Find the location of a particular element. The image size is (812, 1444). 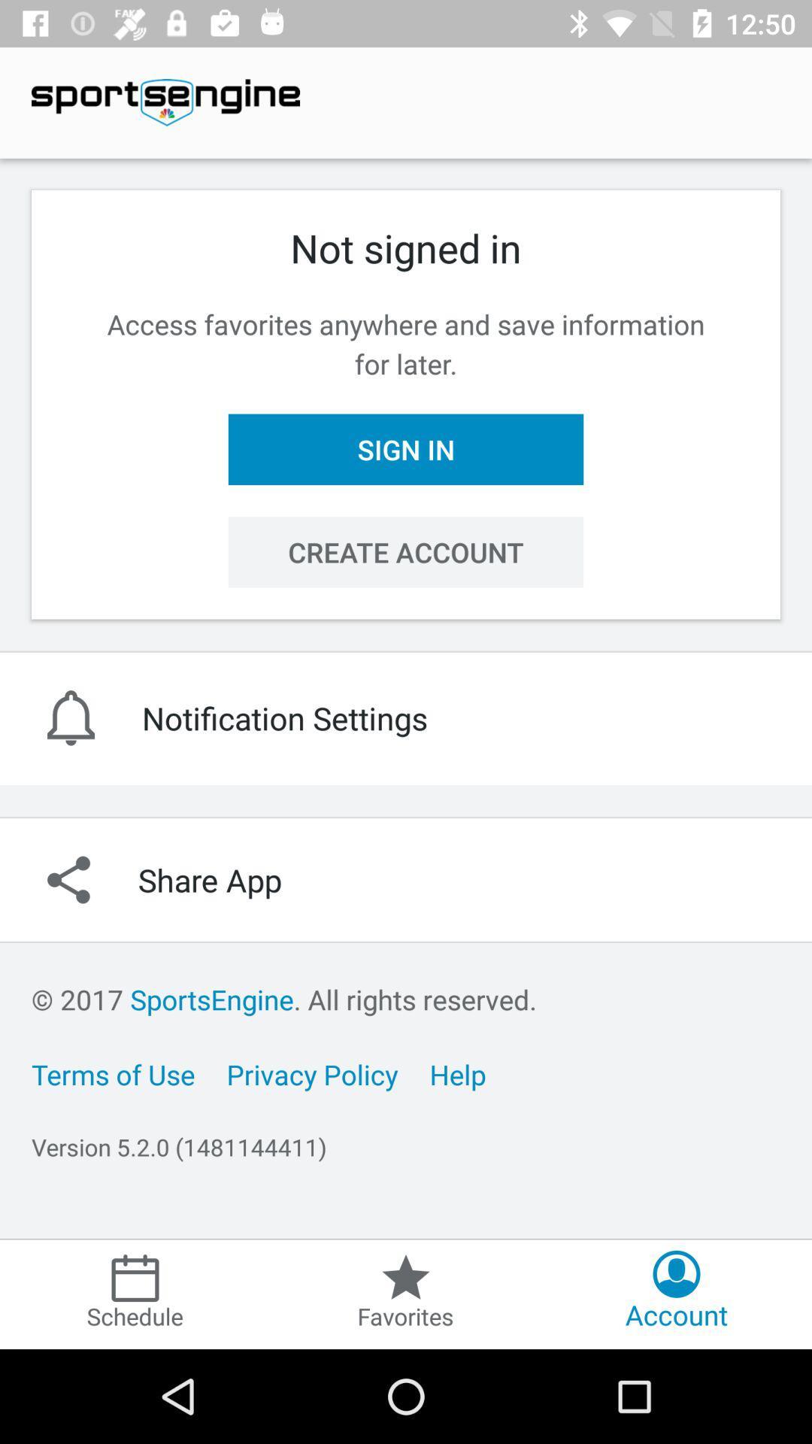

icon below the notification settings is located at coordinates (406, 880).